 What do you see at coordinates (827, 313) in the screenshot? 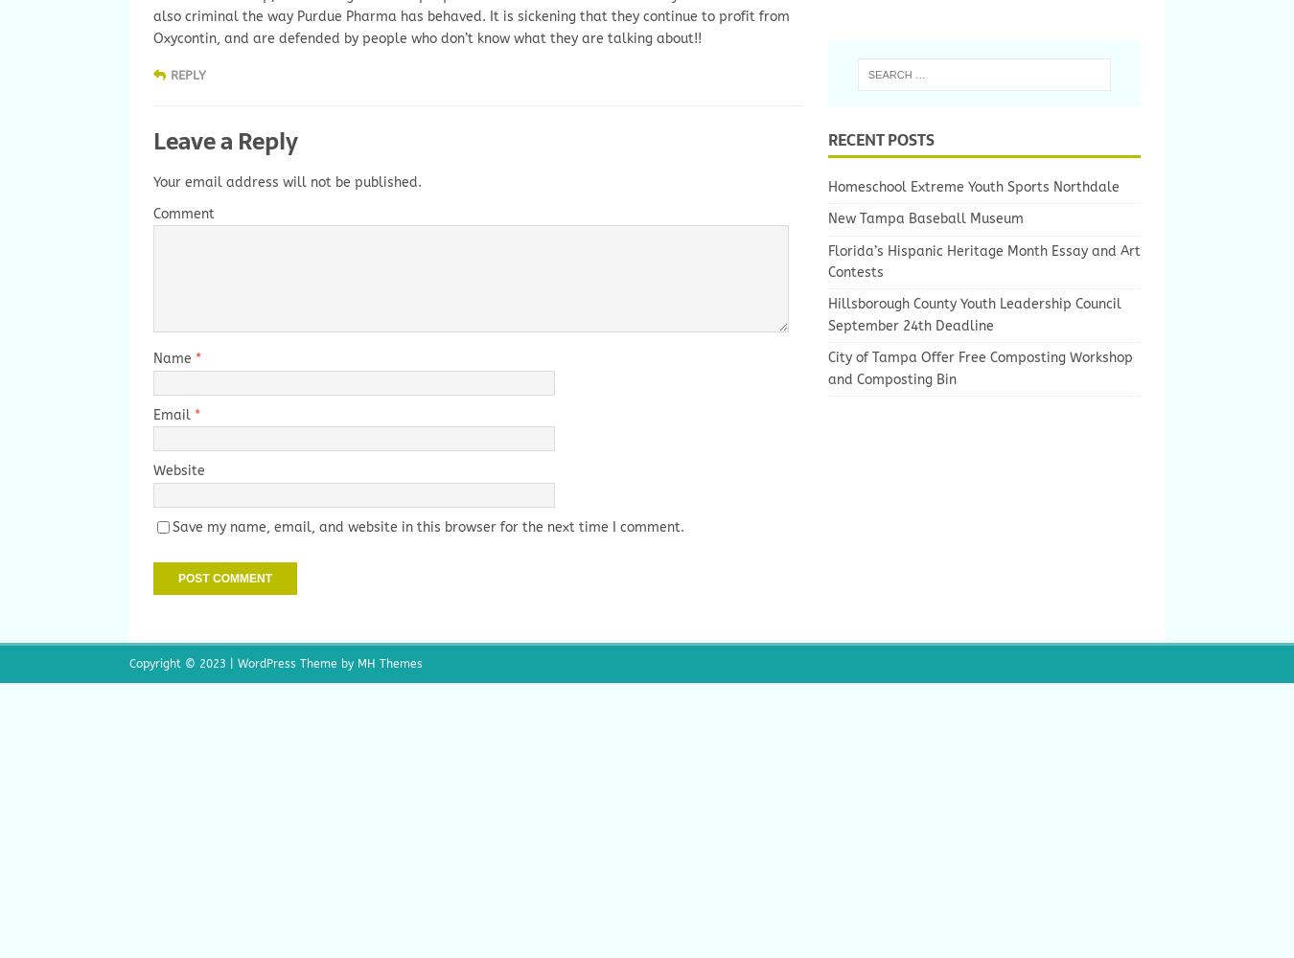
I see `'Hillsborough County Youth Leadership Council September 24th Deadline'` at bounding box center [827, 313].